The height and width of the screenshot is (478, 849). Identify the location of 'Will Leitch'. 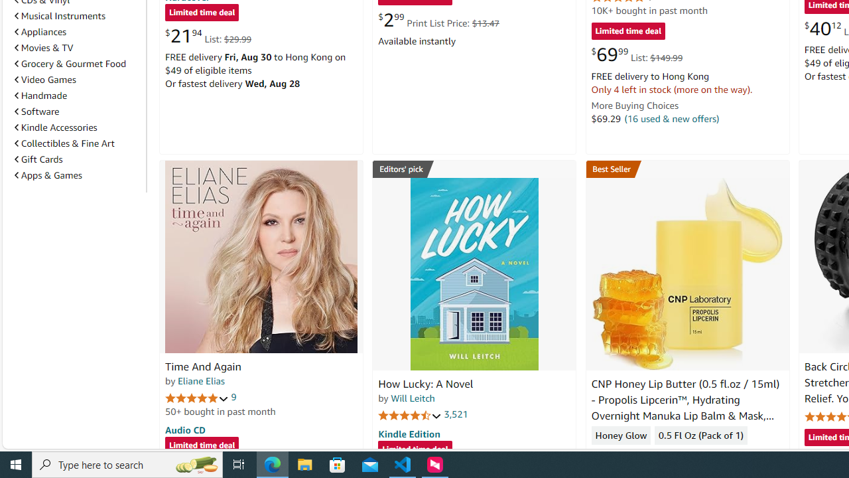
(412, 397).